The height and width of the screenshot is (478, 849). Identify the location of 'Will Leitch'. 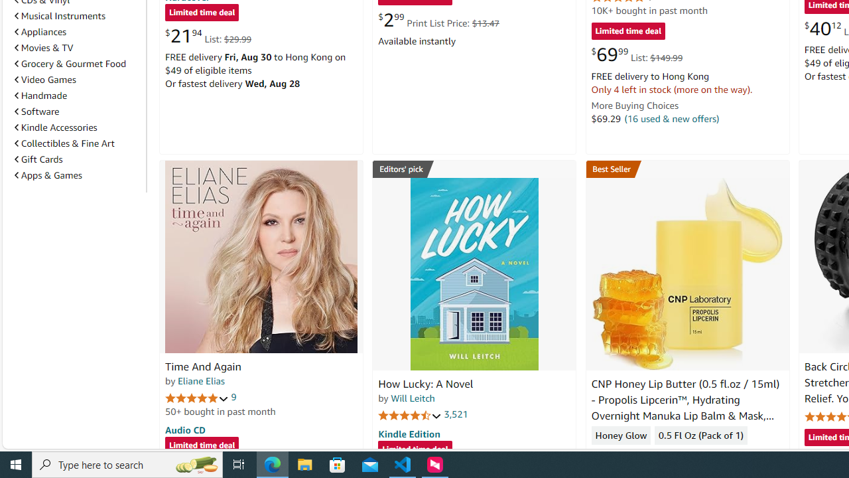
(412, 397).